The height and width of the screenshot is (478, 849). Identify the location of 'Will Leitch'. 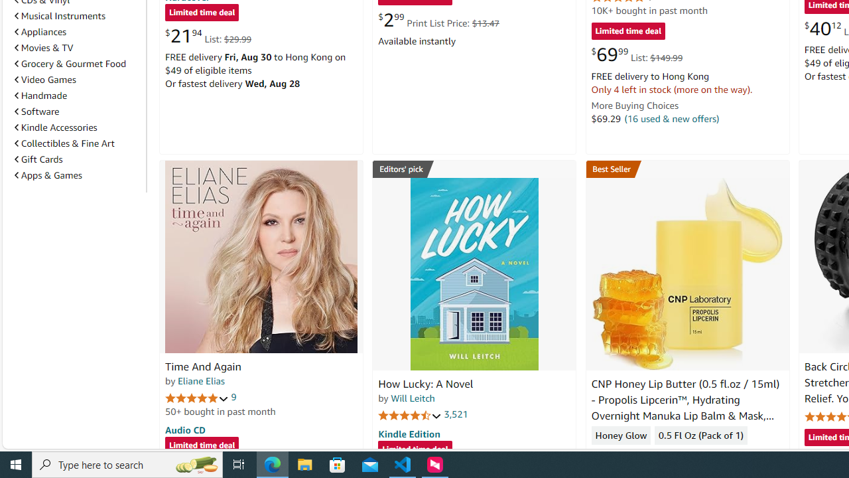
(412, 397).